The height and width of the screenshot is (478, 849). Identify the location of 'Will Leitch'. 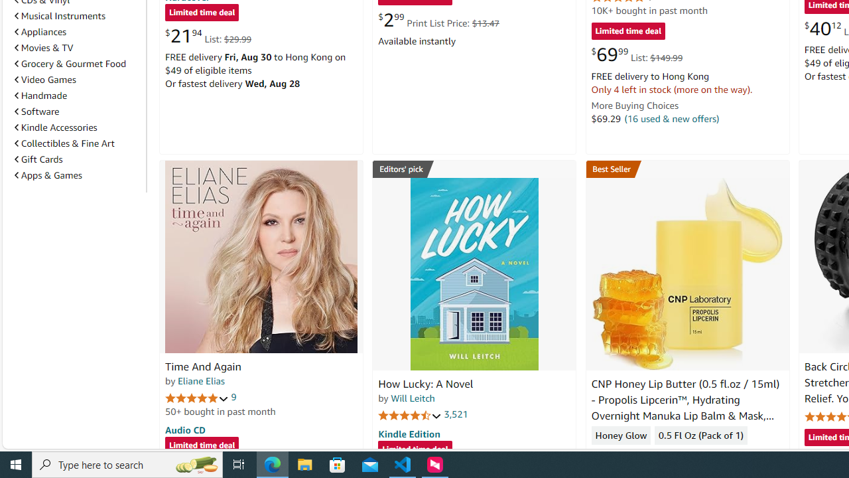
(412, 397).